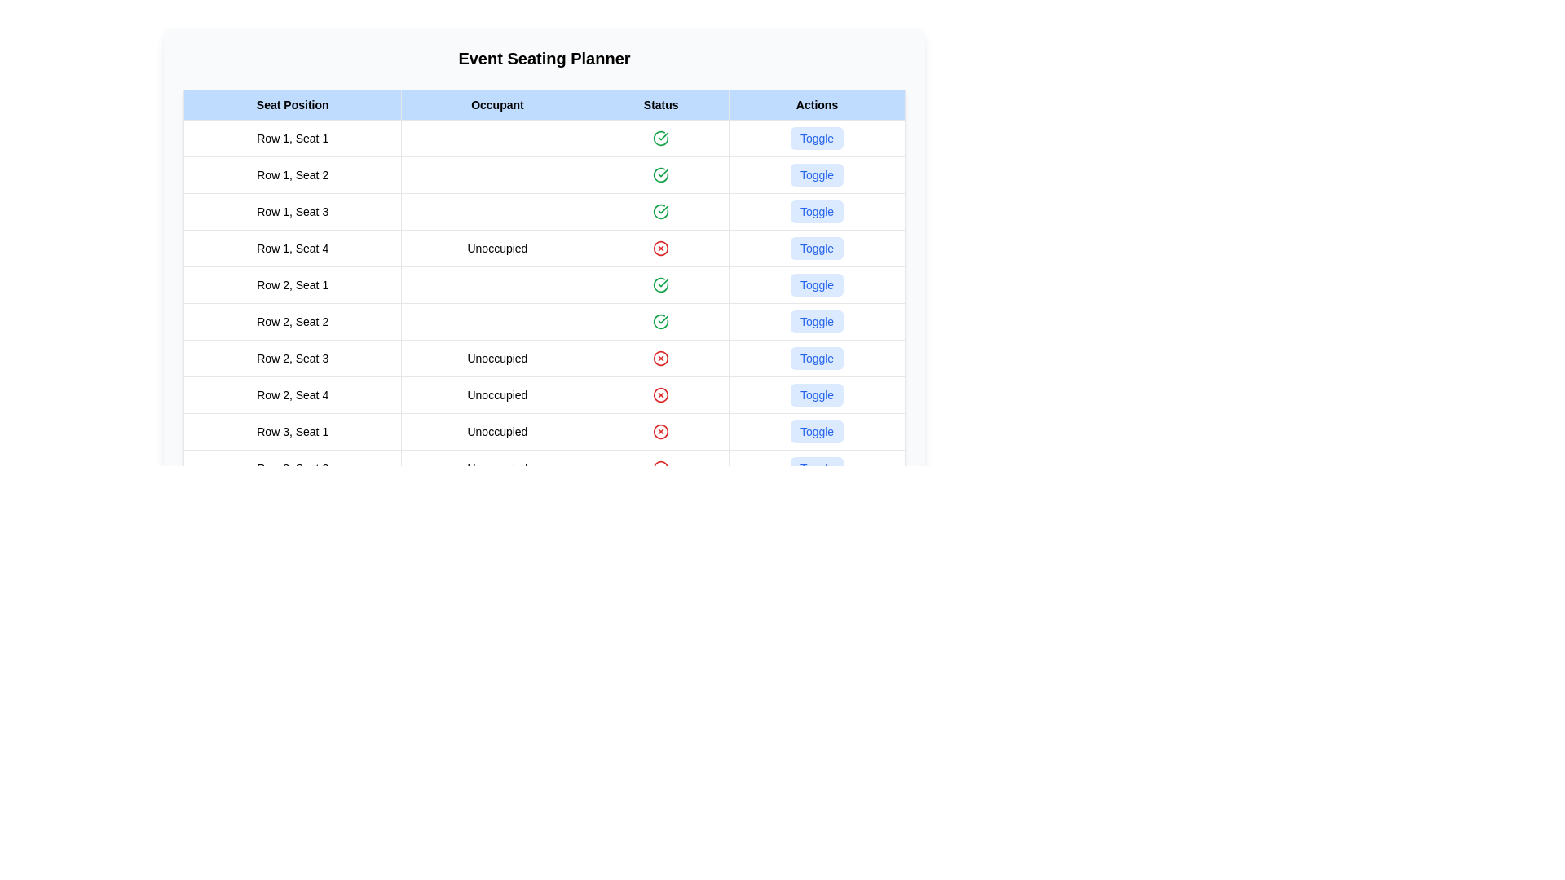 The height and width of the screenshot is (880, 1565). Describe the element at coordinates (496, 210) in the screenshot. I see `the second cell in the third column of the row labeled 'Row 1, Seat 3' in the table, which serves as a placeholder for potential content` at that location.